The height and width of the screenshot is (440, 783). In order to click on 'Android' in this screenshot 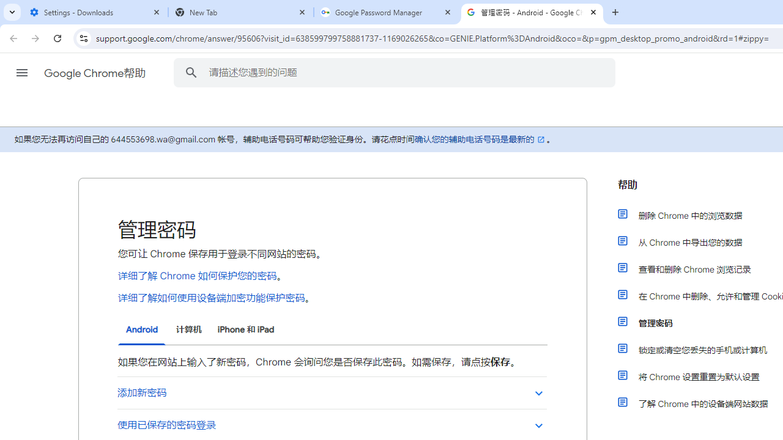, I will do `click(142, 330)`.